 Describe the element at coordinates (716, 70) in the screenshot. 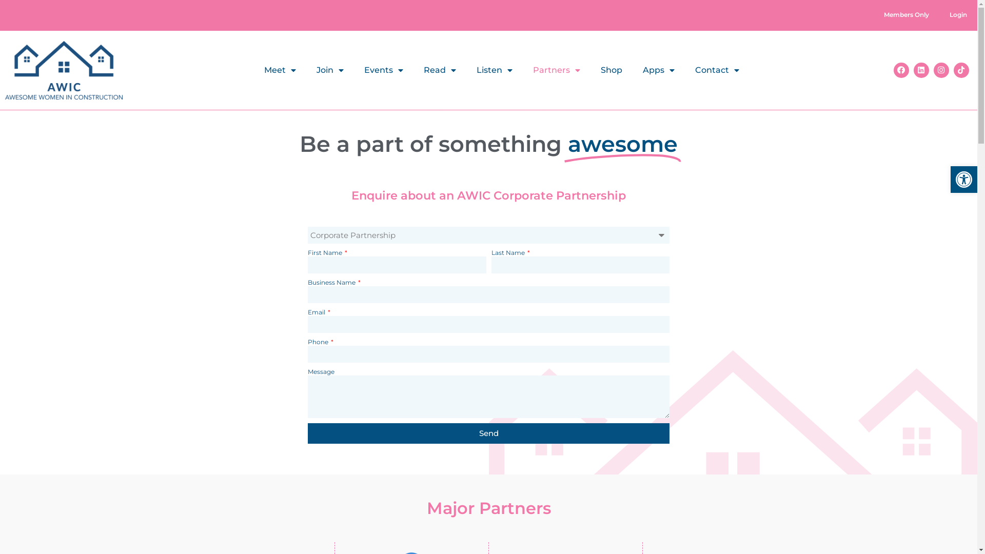

I see `'Contact'` at that location.